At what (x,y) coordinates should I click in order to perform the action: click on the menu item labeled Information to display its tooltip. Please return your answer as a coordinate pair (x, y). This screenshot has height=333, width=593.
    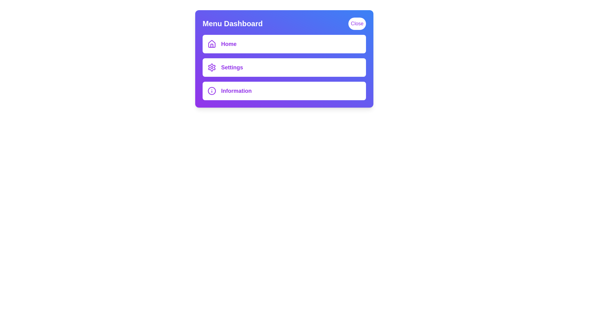
    Looking at the image, I should click on (284, 91).